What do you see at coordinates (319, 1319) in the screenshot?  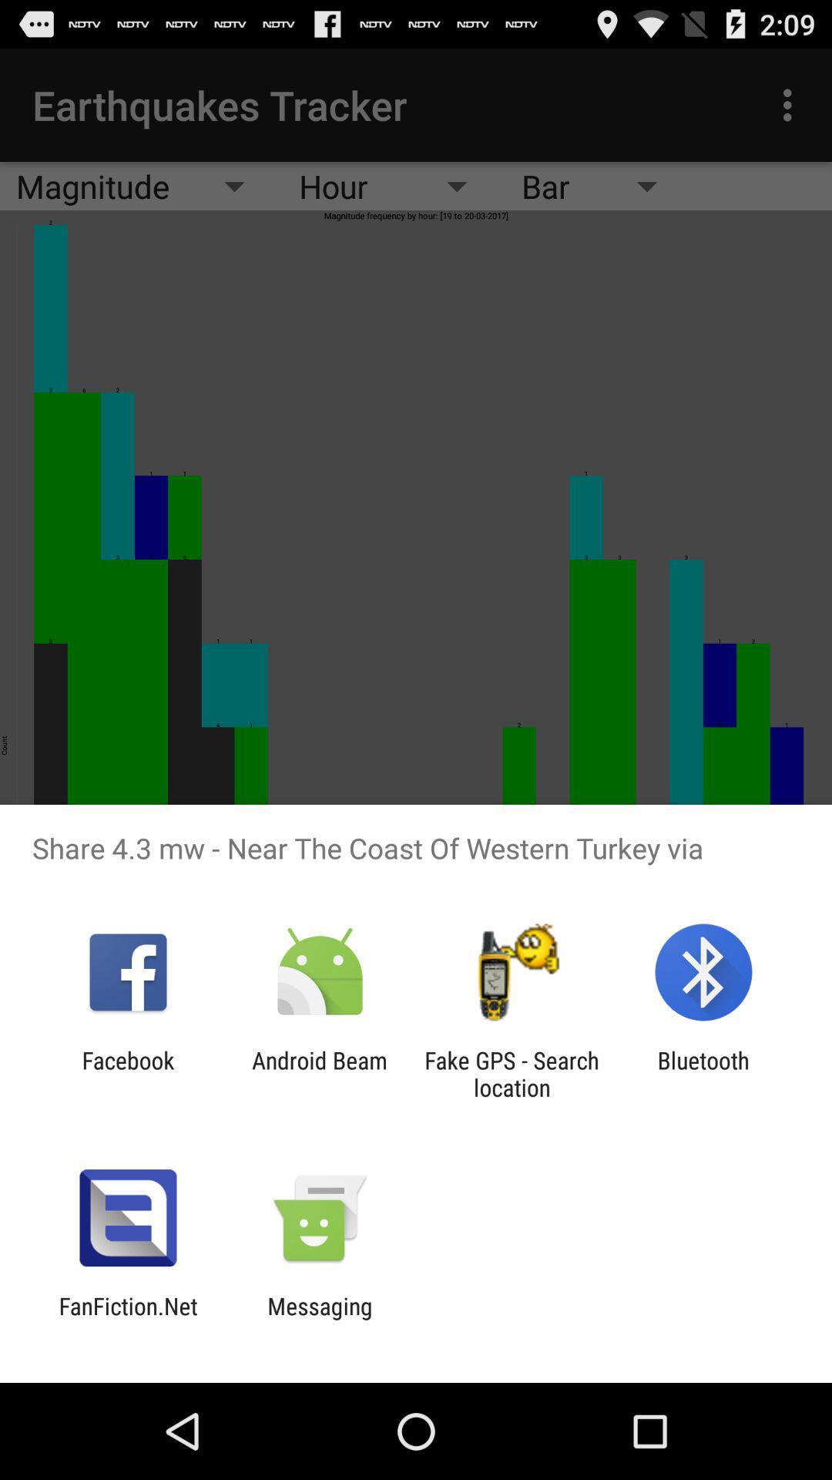 I see `the messaging` at bounding box center [319, 1319].